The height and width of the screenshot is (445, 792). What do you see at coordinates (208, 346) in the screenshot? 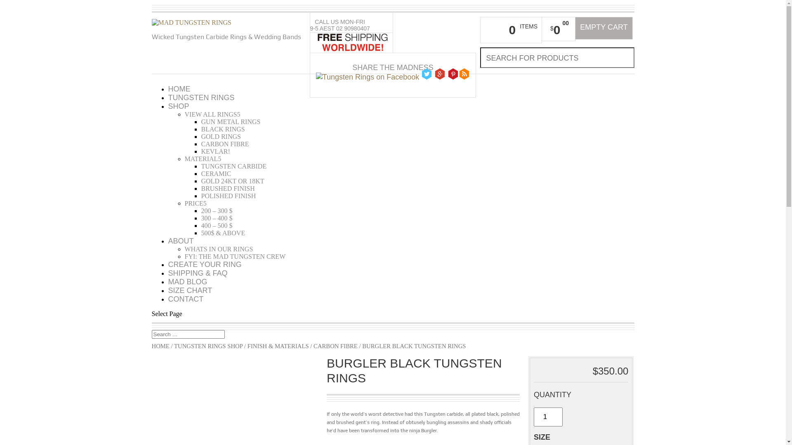
I see `'TUNGSTEN RINGS SHOP'` at bounding box center [208, 346].